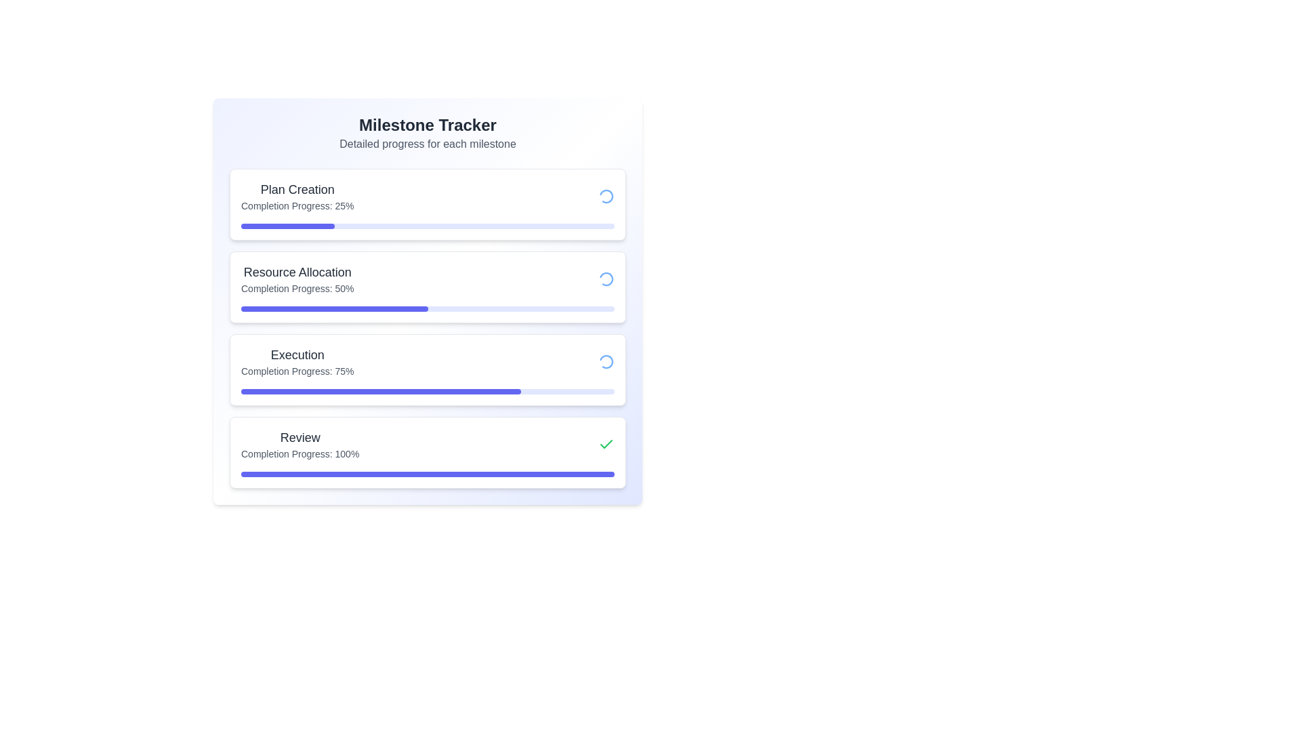 The height and width of the screenshot is (732, 1301). I want to click on the animation of the Loading Spinner located next to 'Completion Progress: 50%' and above the progress bar for the 'Resource Allocation' milestone, so click(605, 279).